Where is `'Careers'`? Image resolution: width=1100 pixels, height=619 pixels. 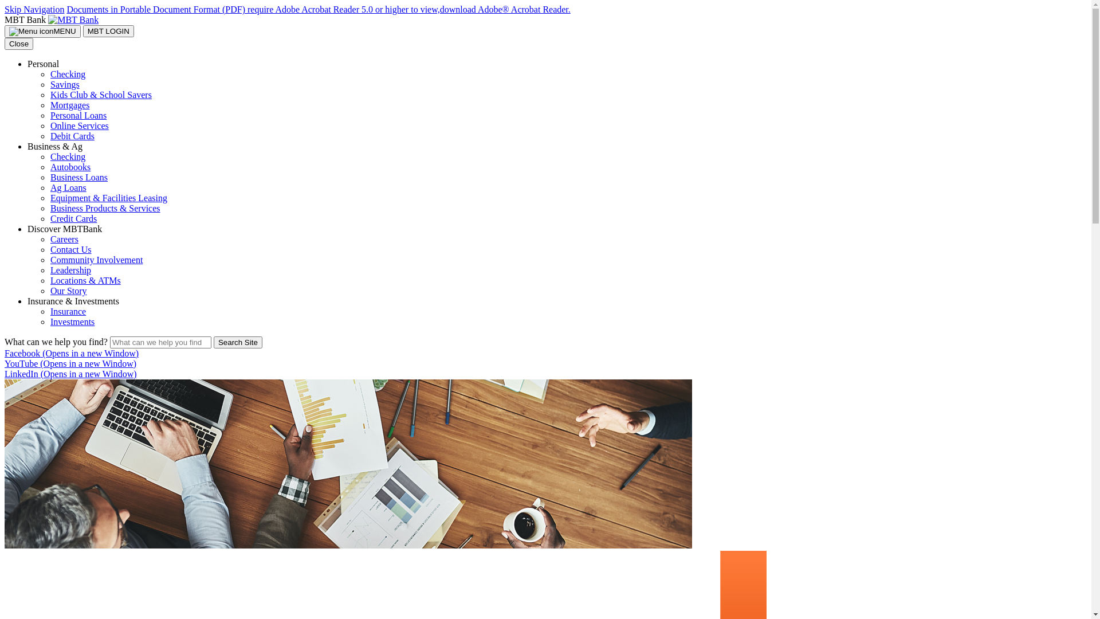 'Careers' is located at coordinates (49, 238).